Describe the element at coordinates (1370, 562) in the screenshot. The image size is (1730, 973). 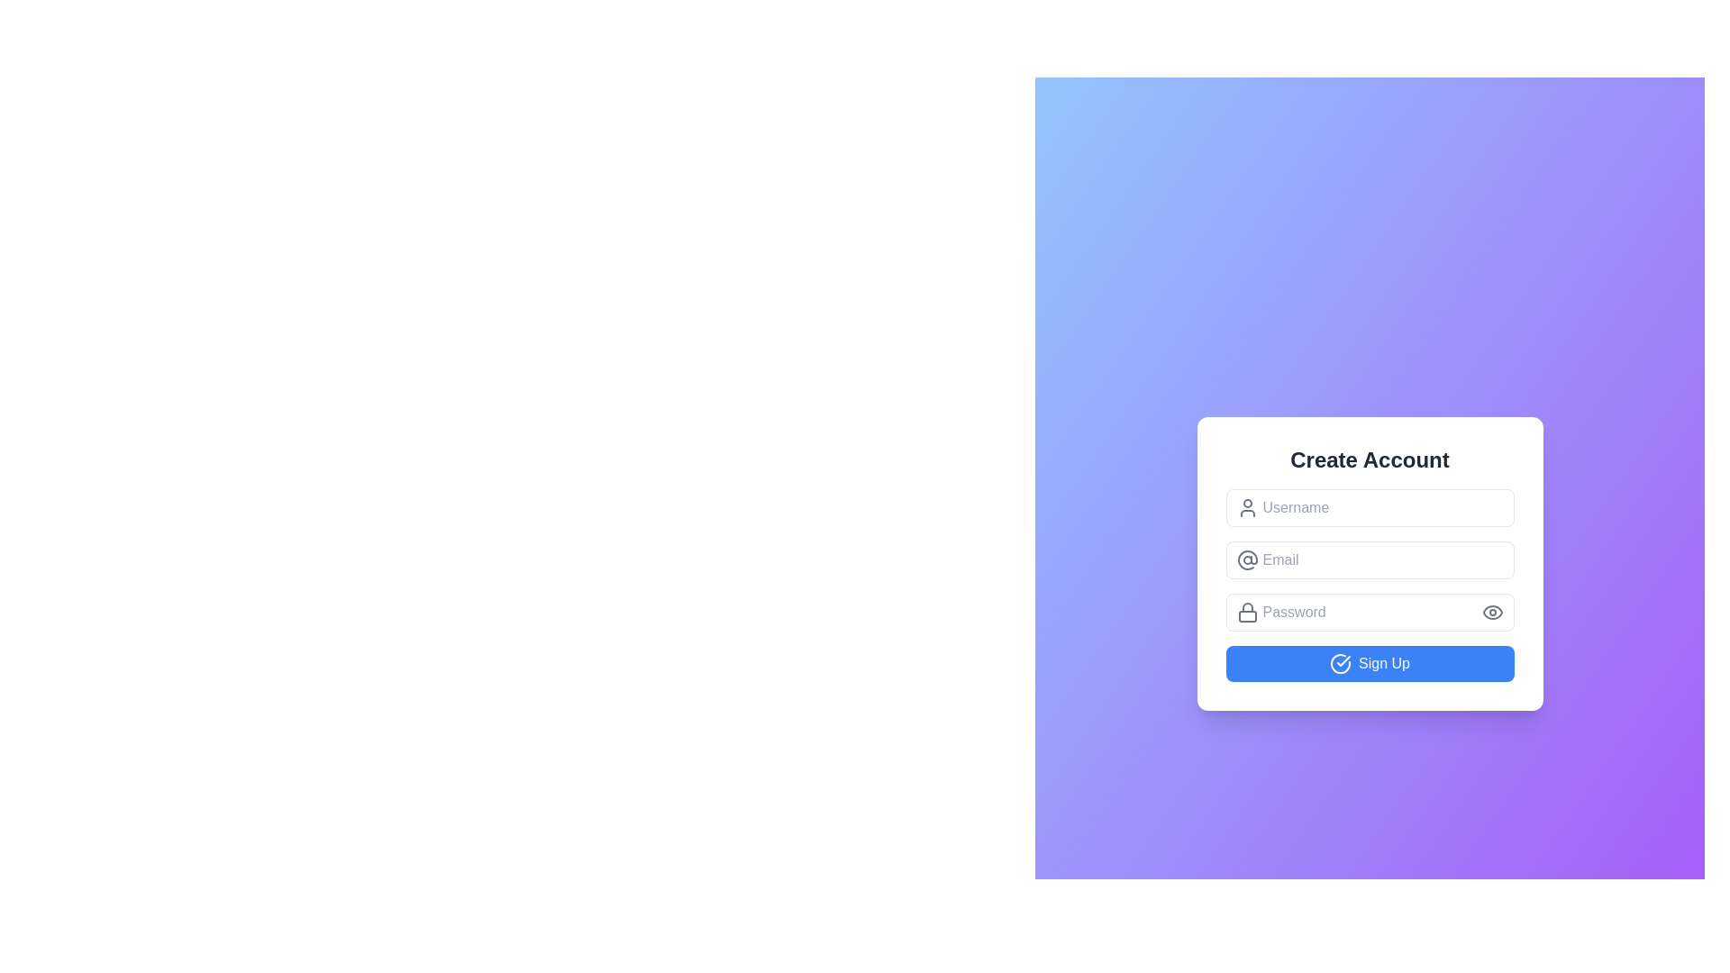
I see `the email input field in the sign-up form to focus on it, which is centrally aligned and located below the username input field` at that location.